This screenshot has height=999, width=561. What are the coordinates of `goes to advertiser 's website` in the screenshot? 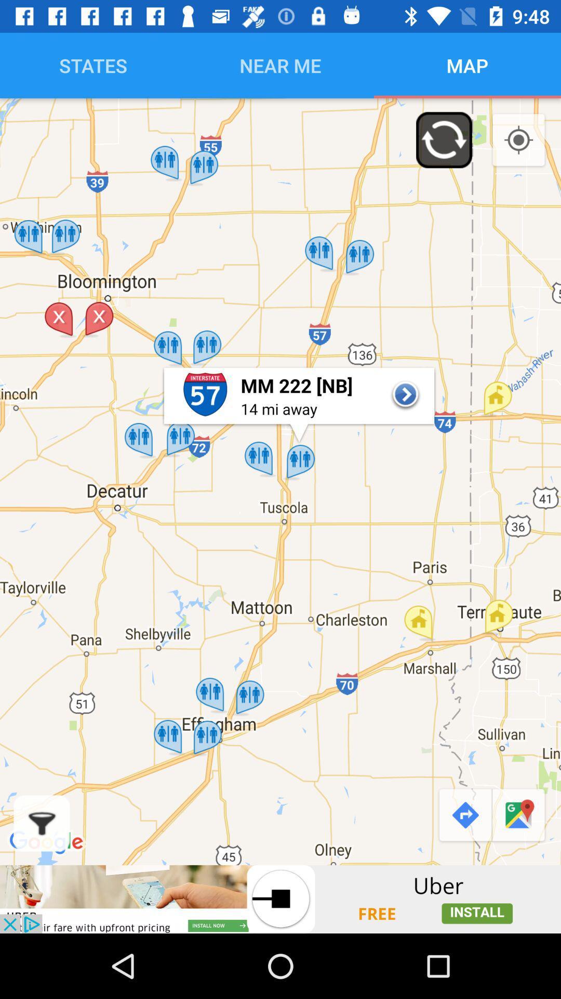 It's located at (280, 899).